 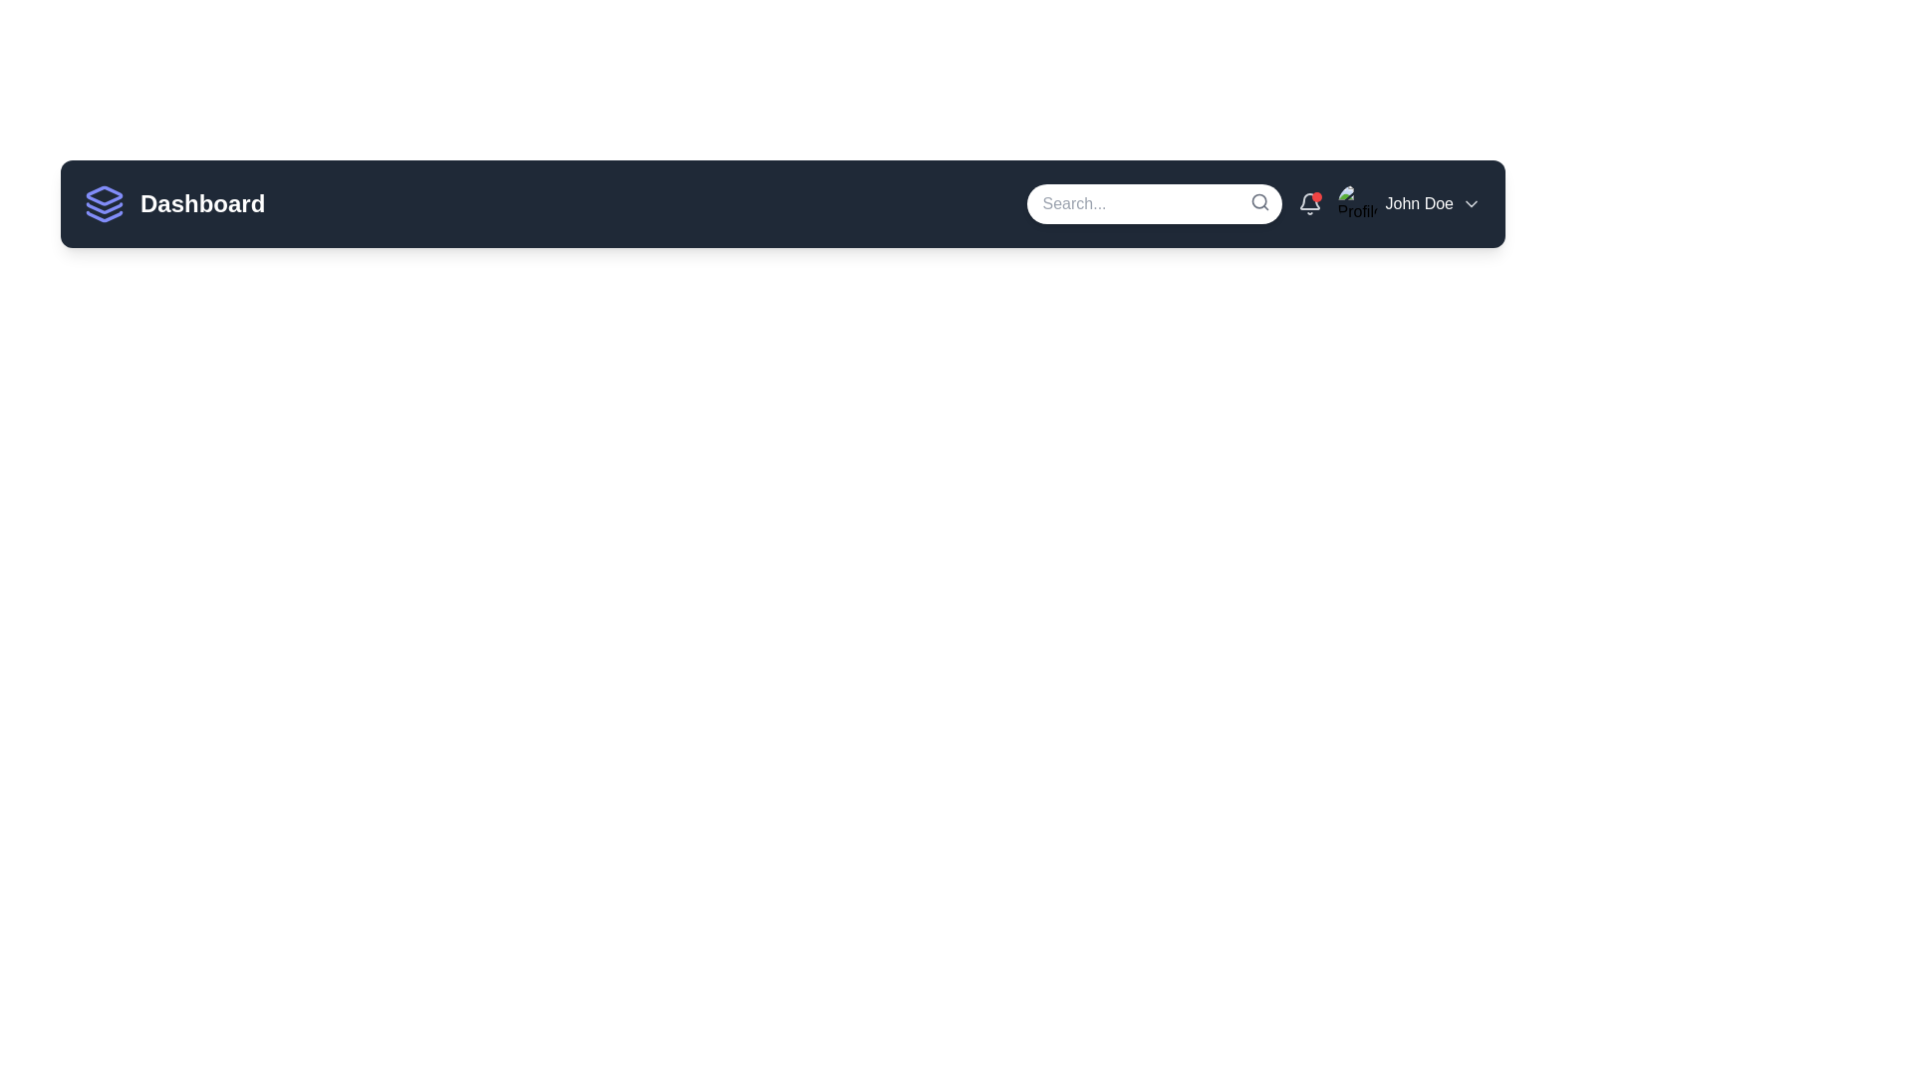 I want to click on the chevron icon next to the name 'John Doe' in the navigation bar, so click(x=1472, y=203).